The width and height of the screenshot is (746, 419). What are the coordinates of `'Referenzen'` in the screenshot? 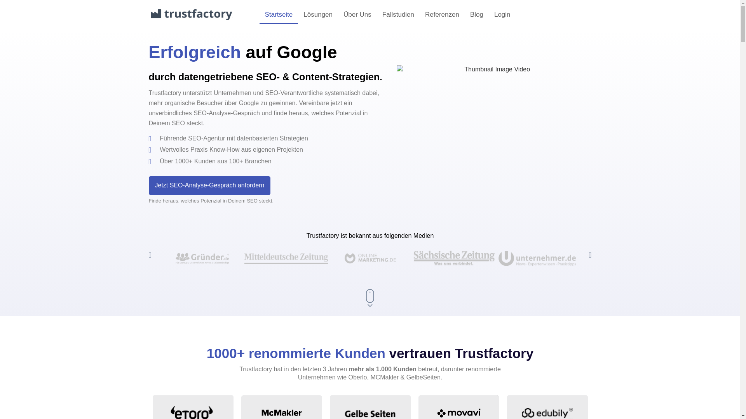 It's located at (442, 15).